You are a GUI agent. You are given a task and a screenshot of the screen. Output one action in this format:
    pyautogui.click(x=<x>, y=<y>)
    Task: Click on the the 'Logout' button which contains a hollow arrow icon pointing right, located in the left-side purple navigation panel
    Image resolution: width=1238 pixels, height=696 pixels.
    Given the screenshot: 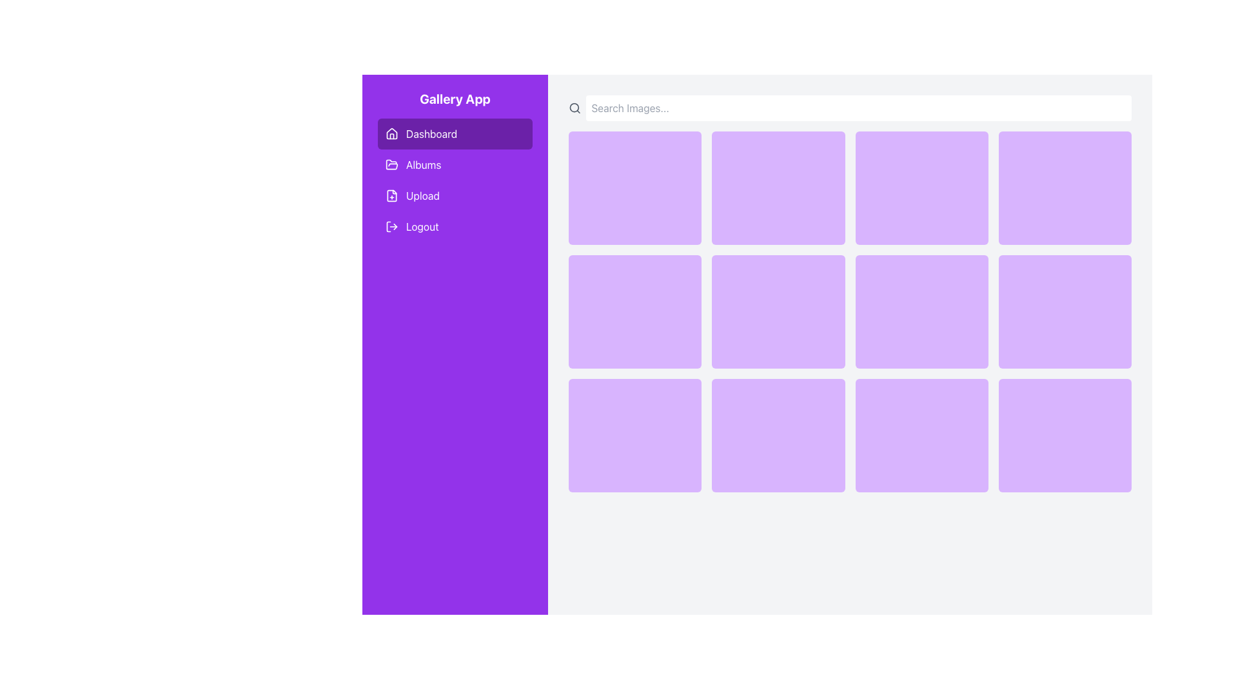 What is the action you would take?
    pyautogui.click(x=391, y=226)
    